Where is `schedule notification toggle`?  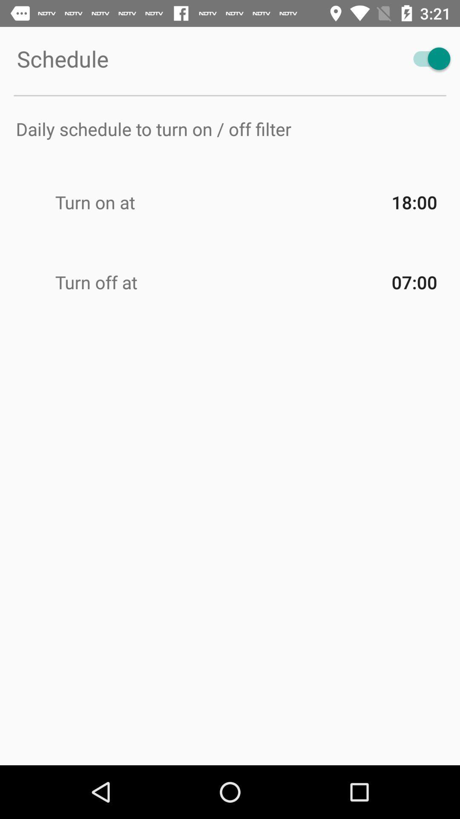
schedule notification toggle is located at coordinates (428, 58).